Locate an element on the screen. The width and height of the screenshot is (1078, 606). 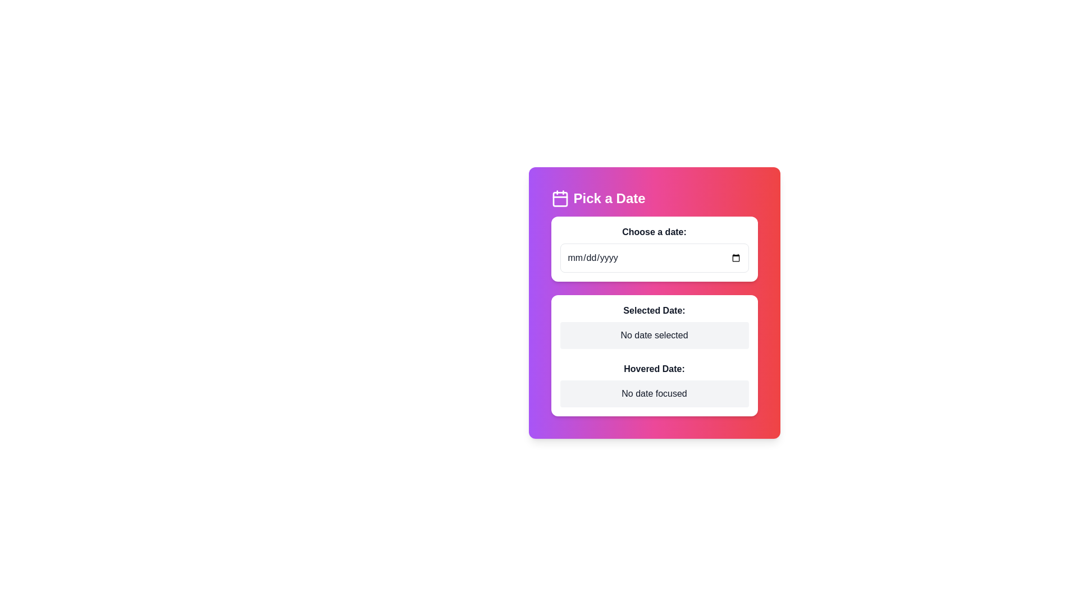
the bold text label reading 'Pick a Date' which has a vibrant purple to pink gradient background is located at coordinates (609, 198).